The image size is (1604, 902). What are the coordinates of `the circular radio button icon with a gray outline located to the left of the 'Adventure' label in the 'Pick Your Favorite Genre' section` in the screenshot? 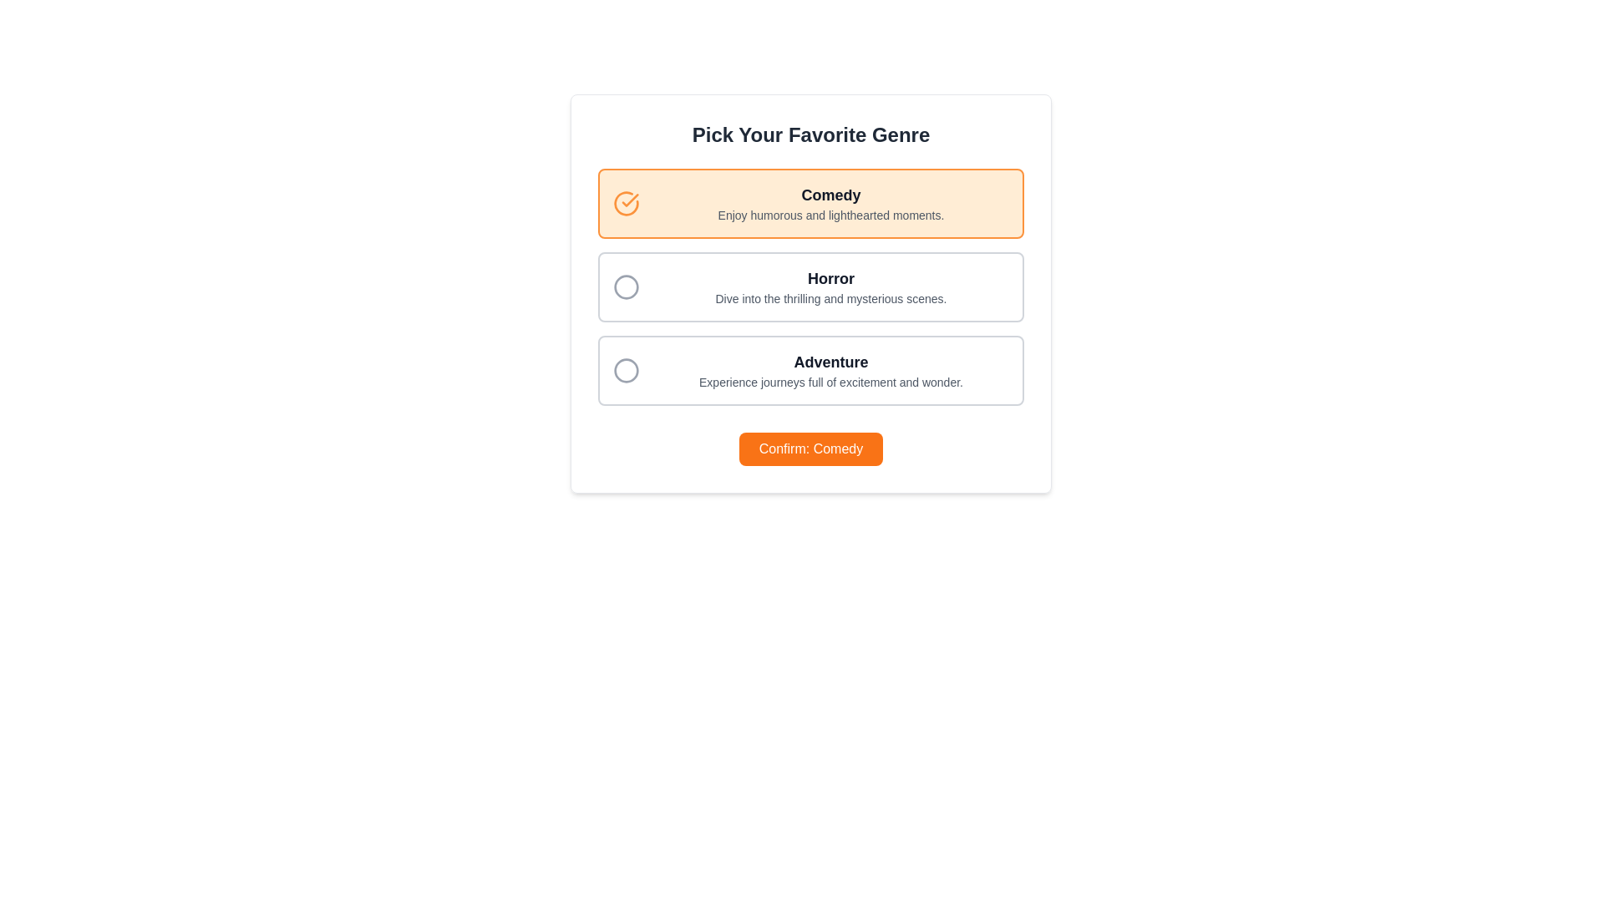 It's located at (625, 369).